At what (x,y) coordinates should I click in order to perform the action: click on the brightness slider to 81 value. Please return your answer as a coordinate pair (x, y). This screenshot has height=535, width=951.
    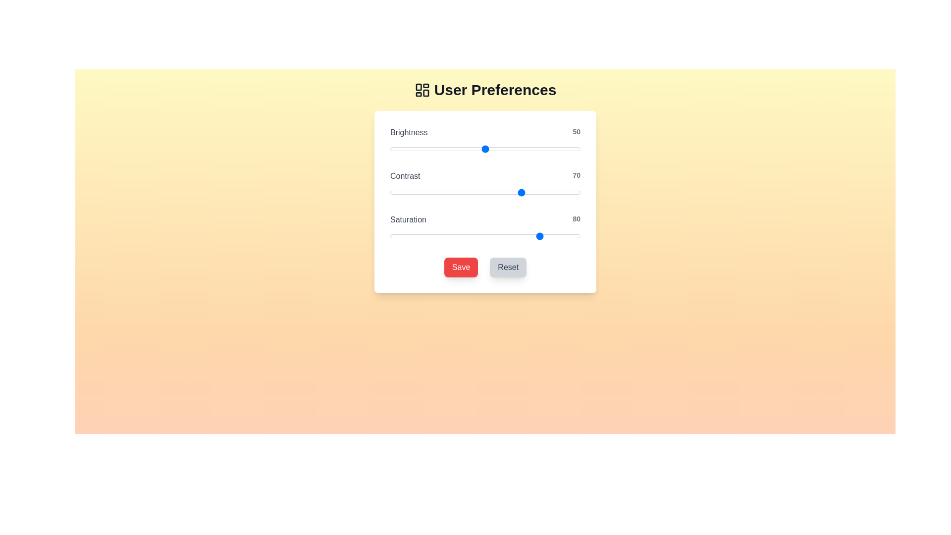
    Looking at the image, I should click on (544, 149).